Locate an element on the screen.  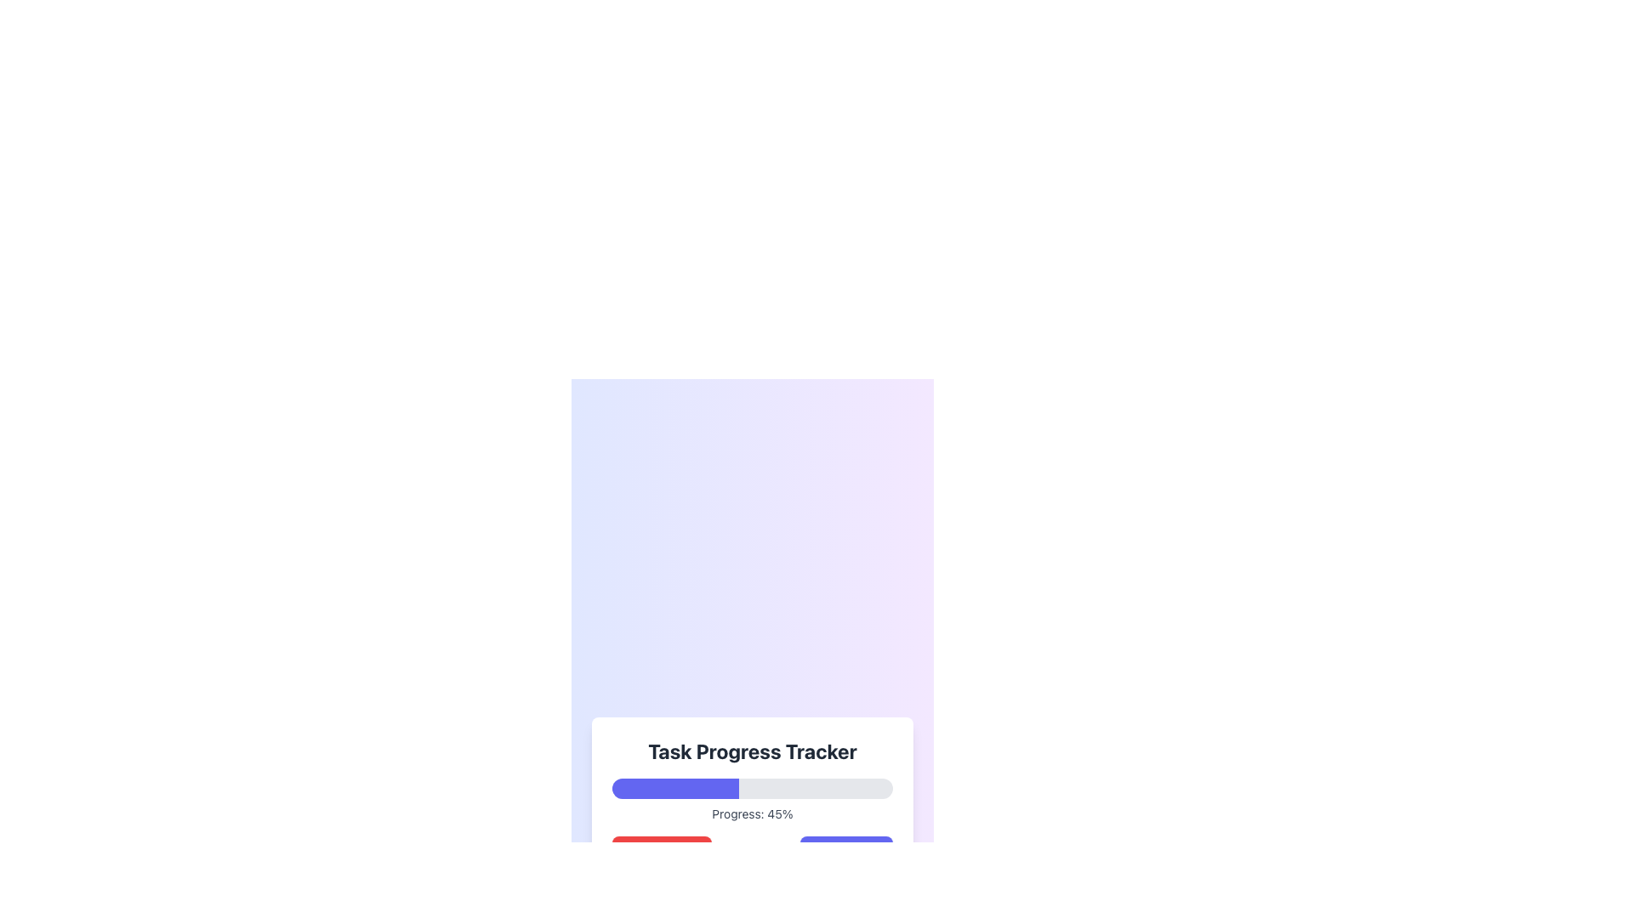
the informational Text Label that displays the current progress percentage, located beneath the progress bar in the 'Task Progress Tracker' card is located at coordinates (751, 813).